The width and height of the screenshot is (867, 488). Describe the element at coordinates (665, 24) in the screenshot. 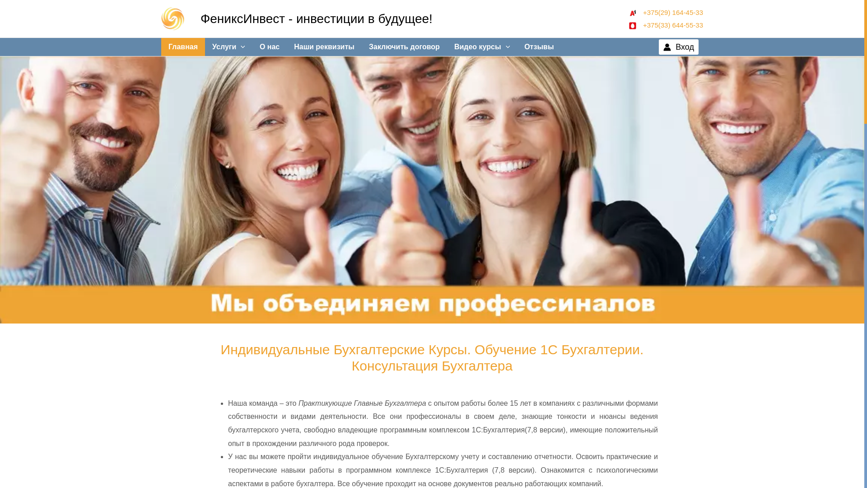

I see `'   +375(33) 644-55-33'` at that location.